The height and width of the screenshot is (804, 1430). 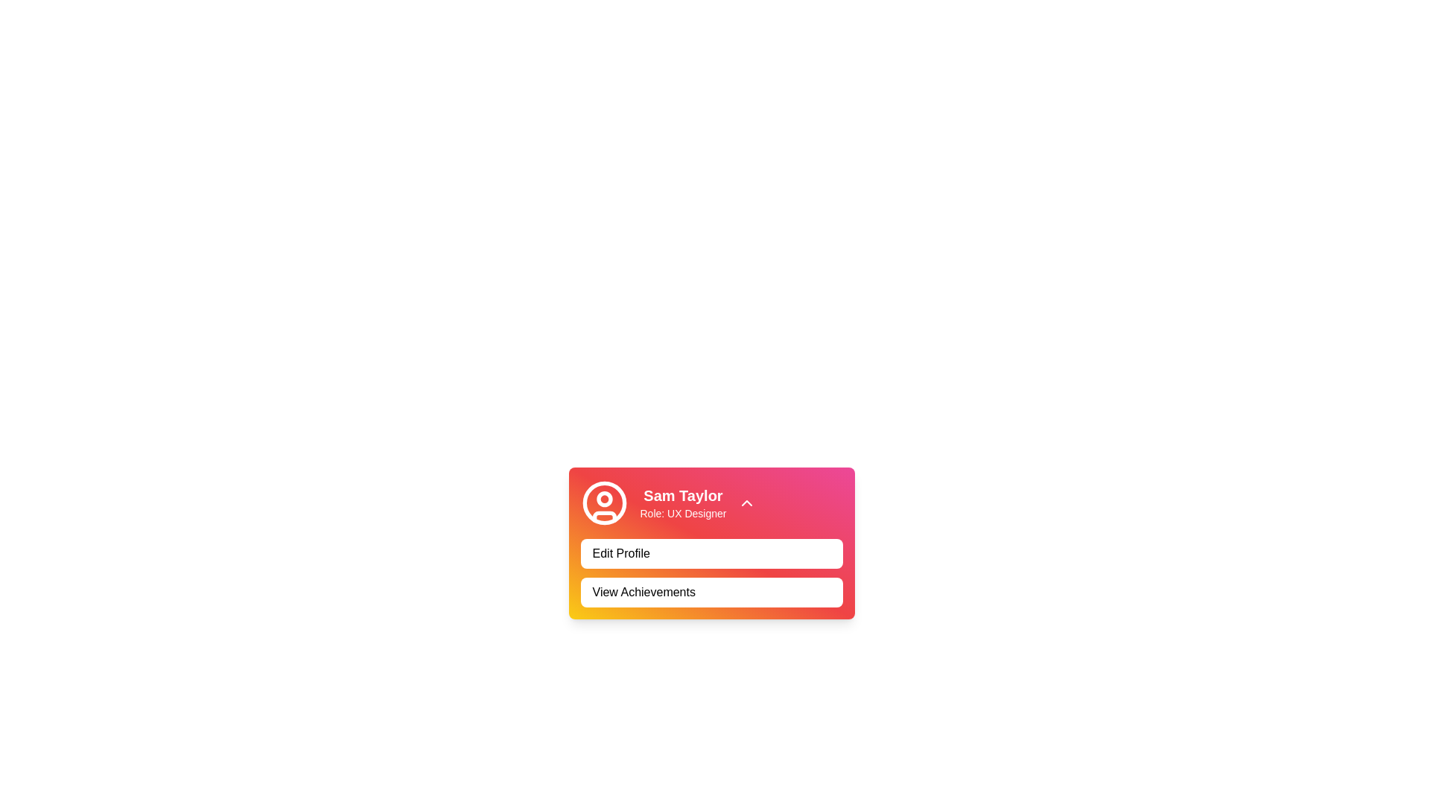 I want to click on the toggle icon located to the right of the text 'Sam Taylor Role: UX Designer' in the header, so click(x=747, y=502).